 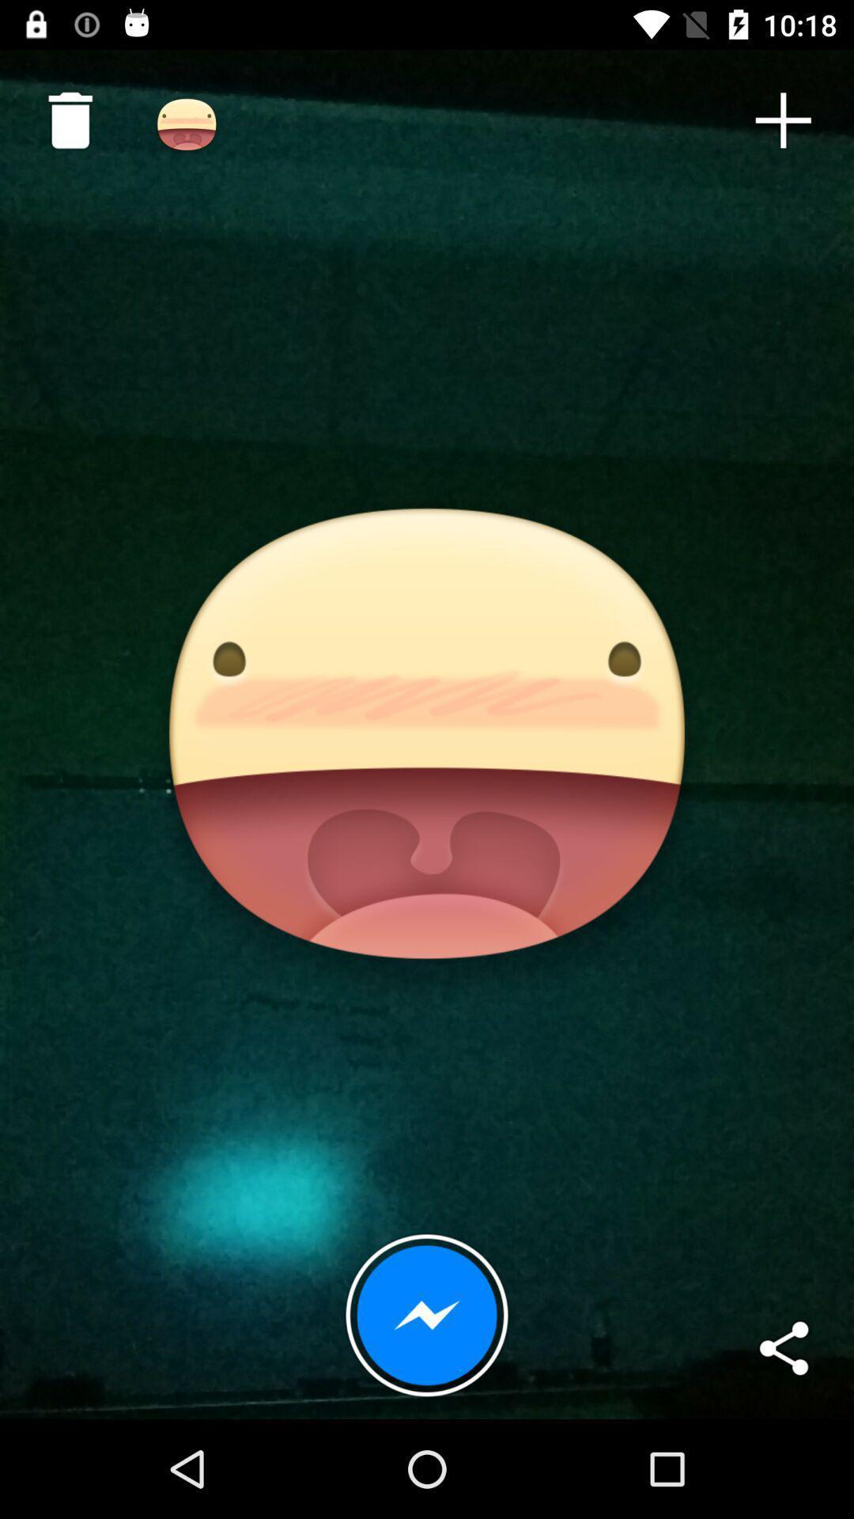 What do you see at coordinates (783, 1347) in the screenshot?
I see `the item at the bottom right corner` at bounding box center [783, 1347].